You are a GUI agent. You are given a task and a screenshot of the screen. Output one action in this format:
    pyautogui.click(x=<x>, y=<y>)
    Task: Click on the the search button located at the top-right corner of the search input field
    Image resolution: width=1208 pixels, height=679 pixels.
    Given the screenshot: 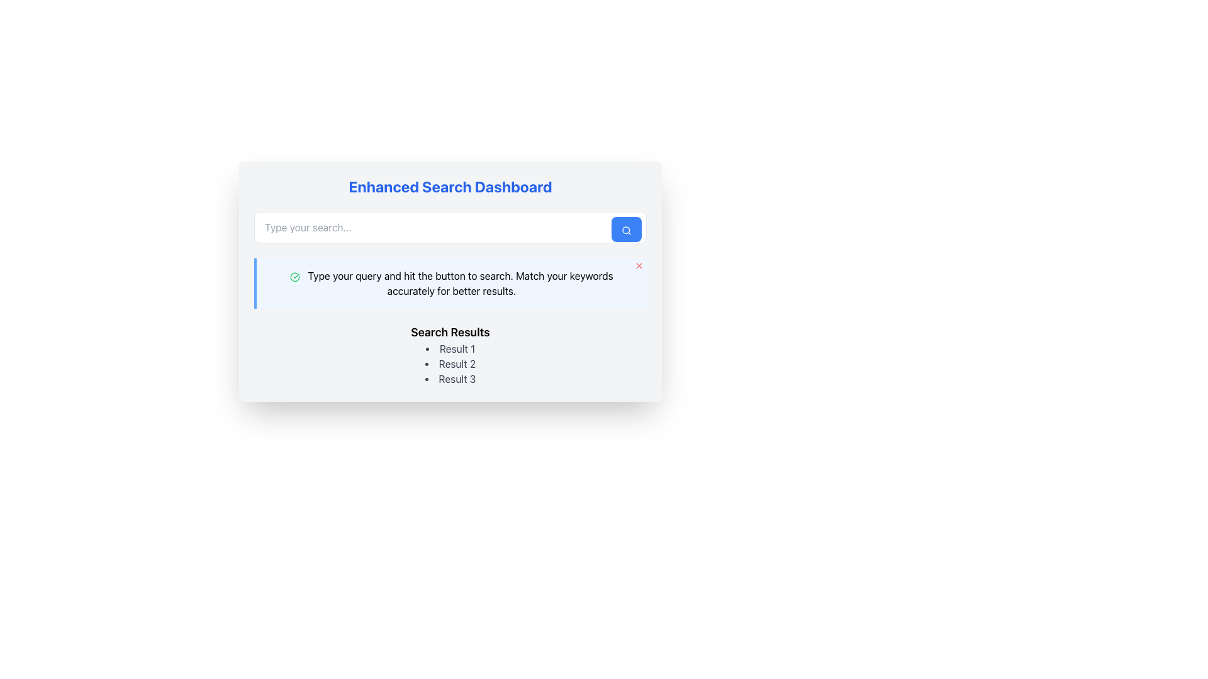 What is the action you would take?
    pyautogui.click(x=627, y=229)
    